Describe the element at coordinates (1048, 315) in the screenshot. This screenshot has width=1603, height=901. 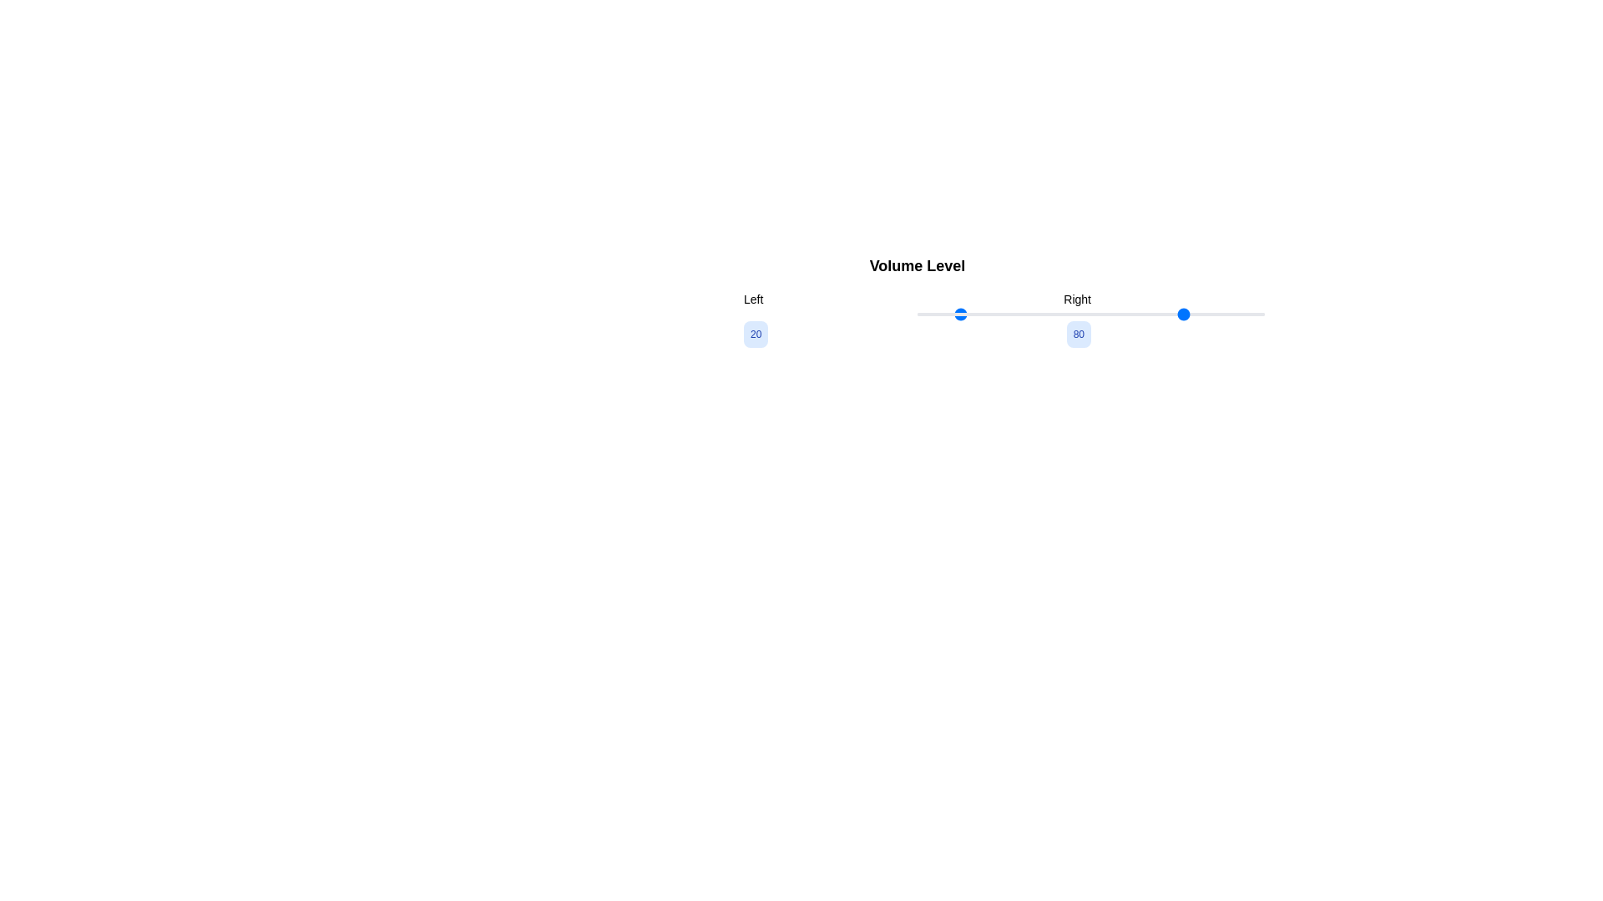
I see `the slider value` at that location.